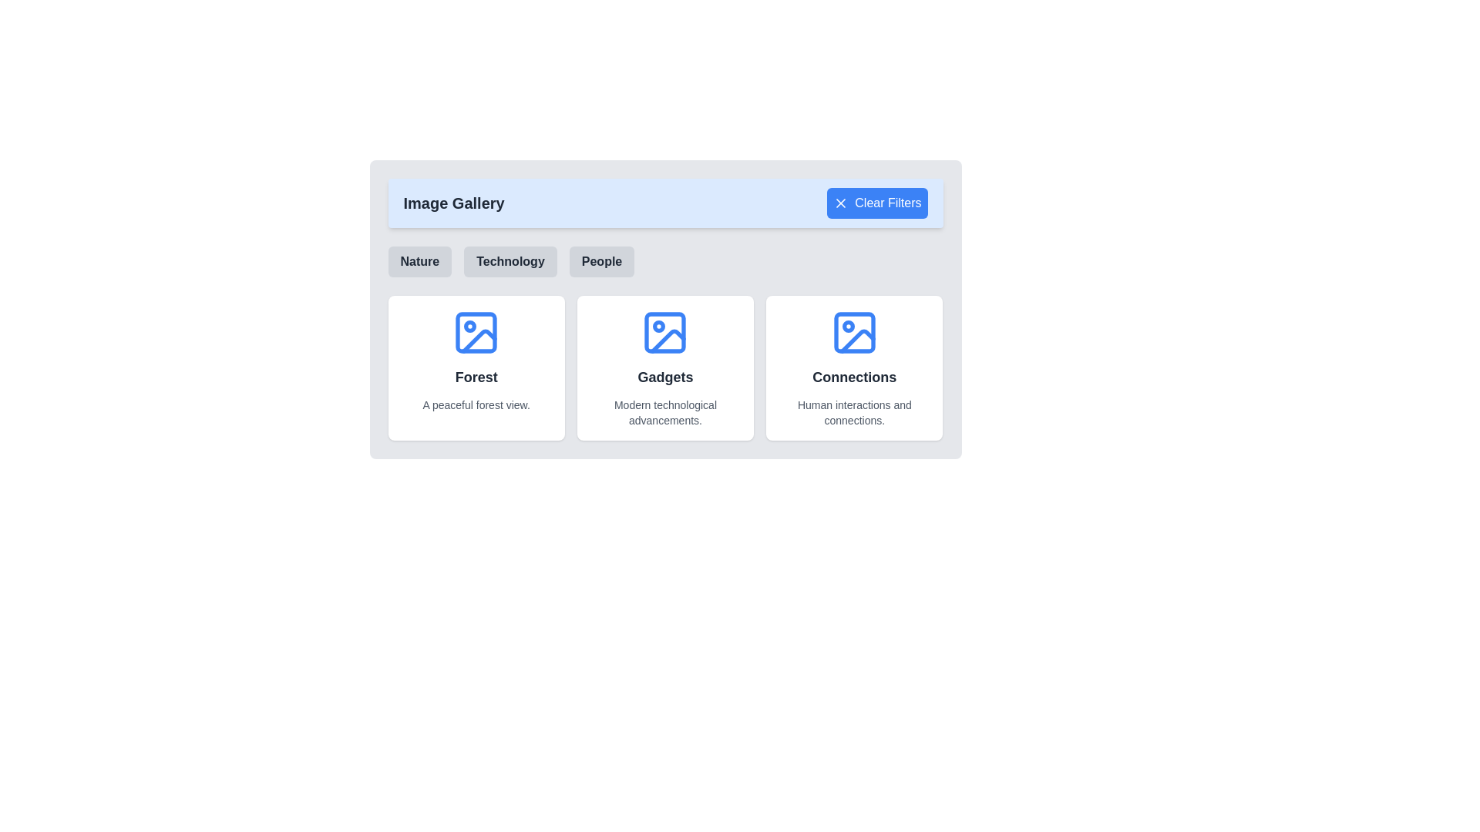 The height and width of the screenshot is (832, 1480). Describe the element at coordinates (659, 326) in the screenshot. I see `the circular graphical element inside the 'Gadgets' icon, positioned slightly towards the upper left` at that location.